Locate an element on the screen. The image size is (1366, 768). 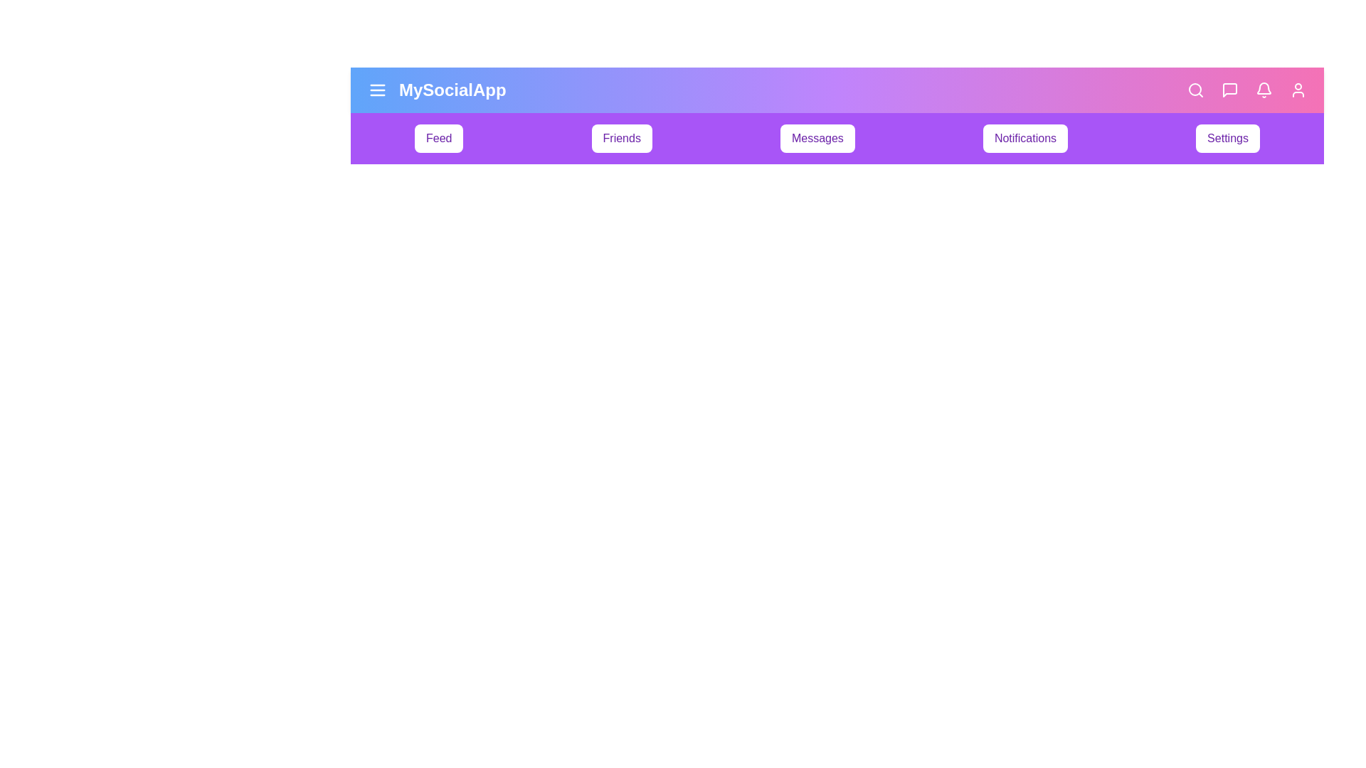
the menu item Messages to observe its hover effect is located at coordinates (817, 139).